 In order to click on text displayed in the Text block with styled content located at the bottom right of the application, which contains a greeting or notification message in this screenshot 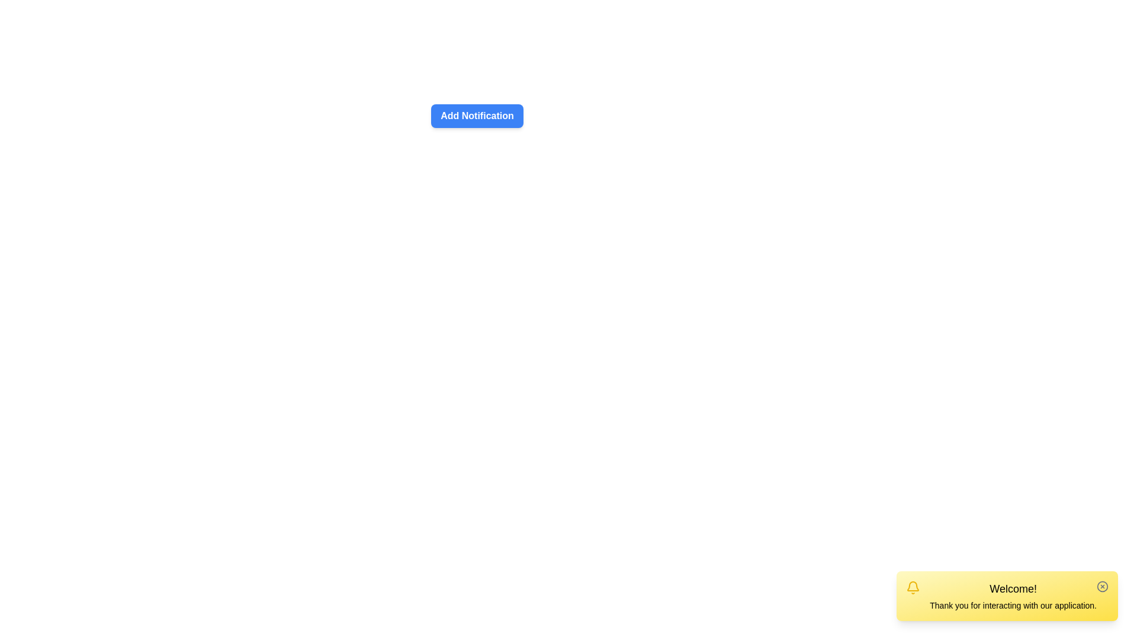, I will do `click(1013, 596)`.